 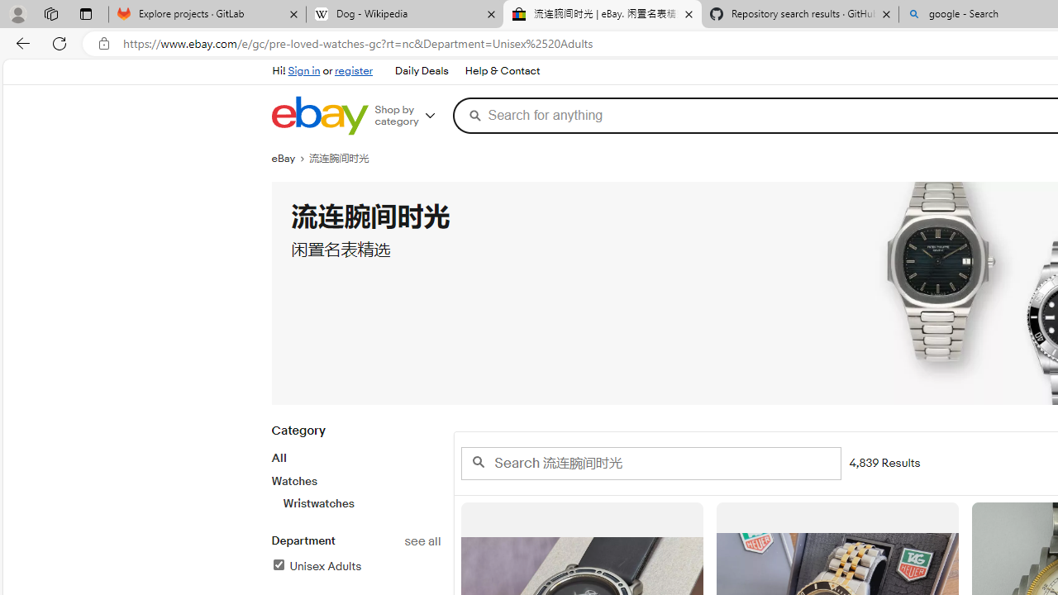 I want to click on 'WatchesWristwatches', so click(x=355, y=491).